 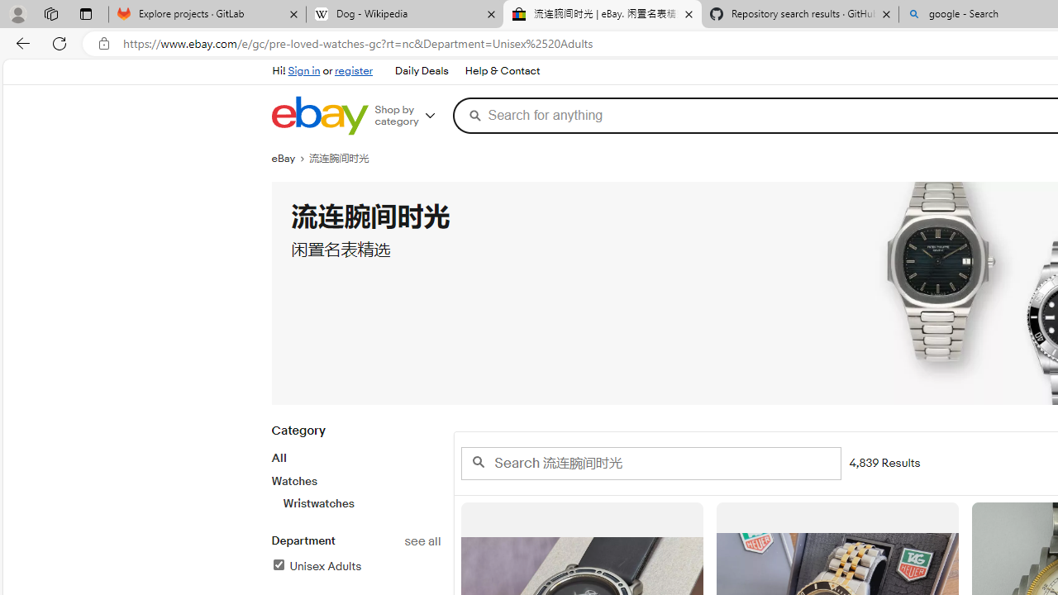 I want to click on 'WatchesWristwatches', so click(x=355, y=491).